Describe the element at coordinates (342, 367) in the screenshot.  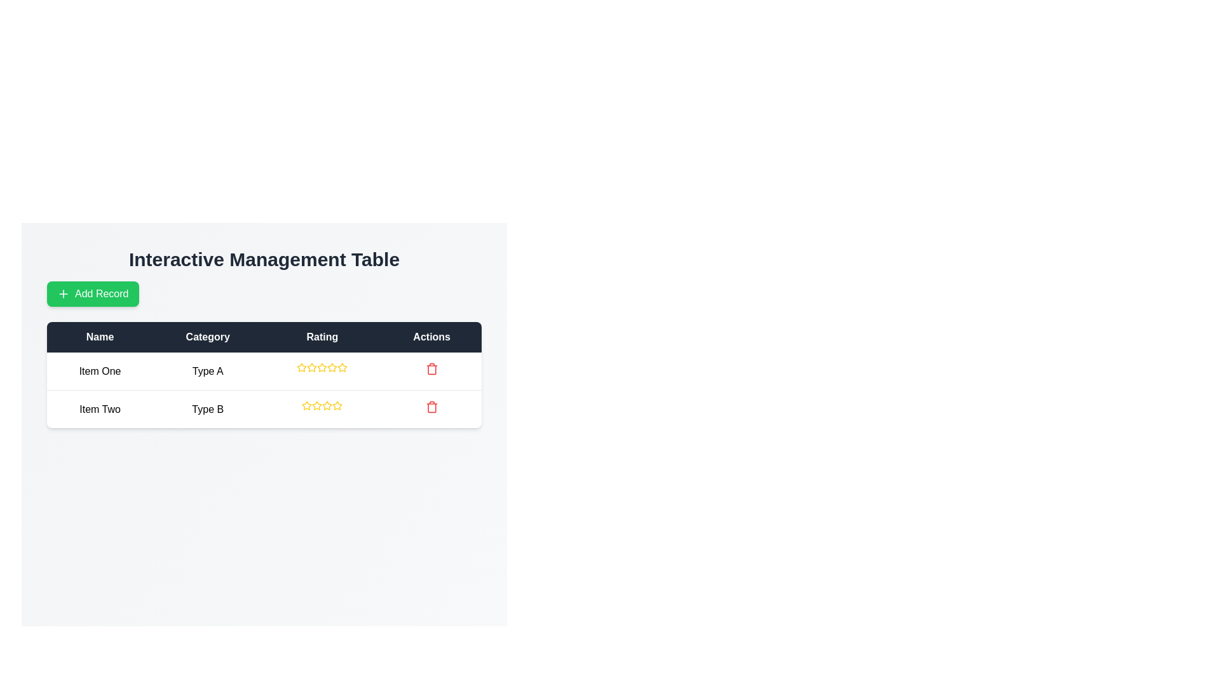
I see `the third graphical rating star icon with a yellow fill in the first row of the 'Rating' column to rate 'Item One.'` at that location.